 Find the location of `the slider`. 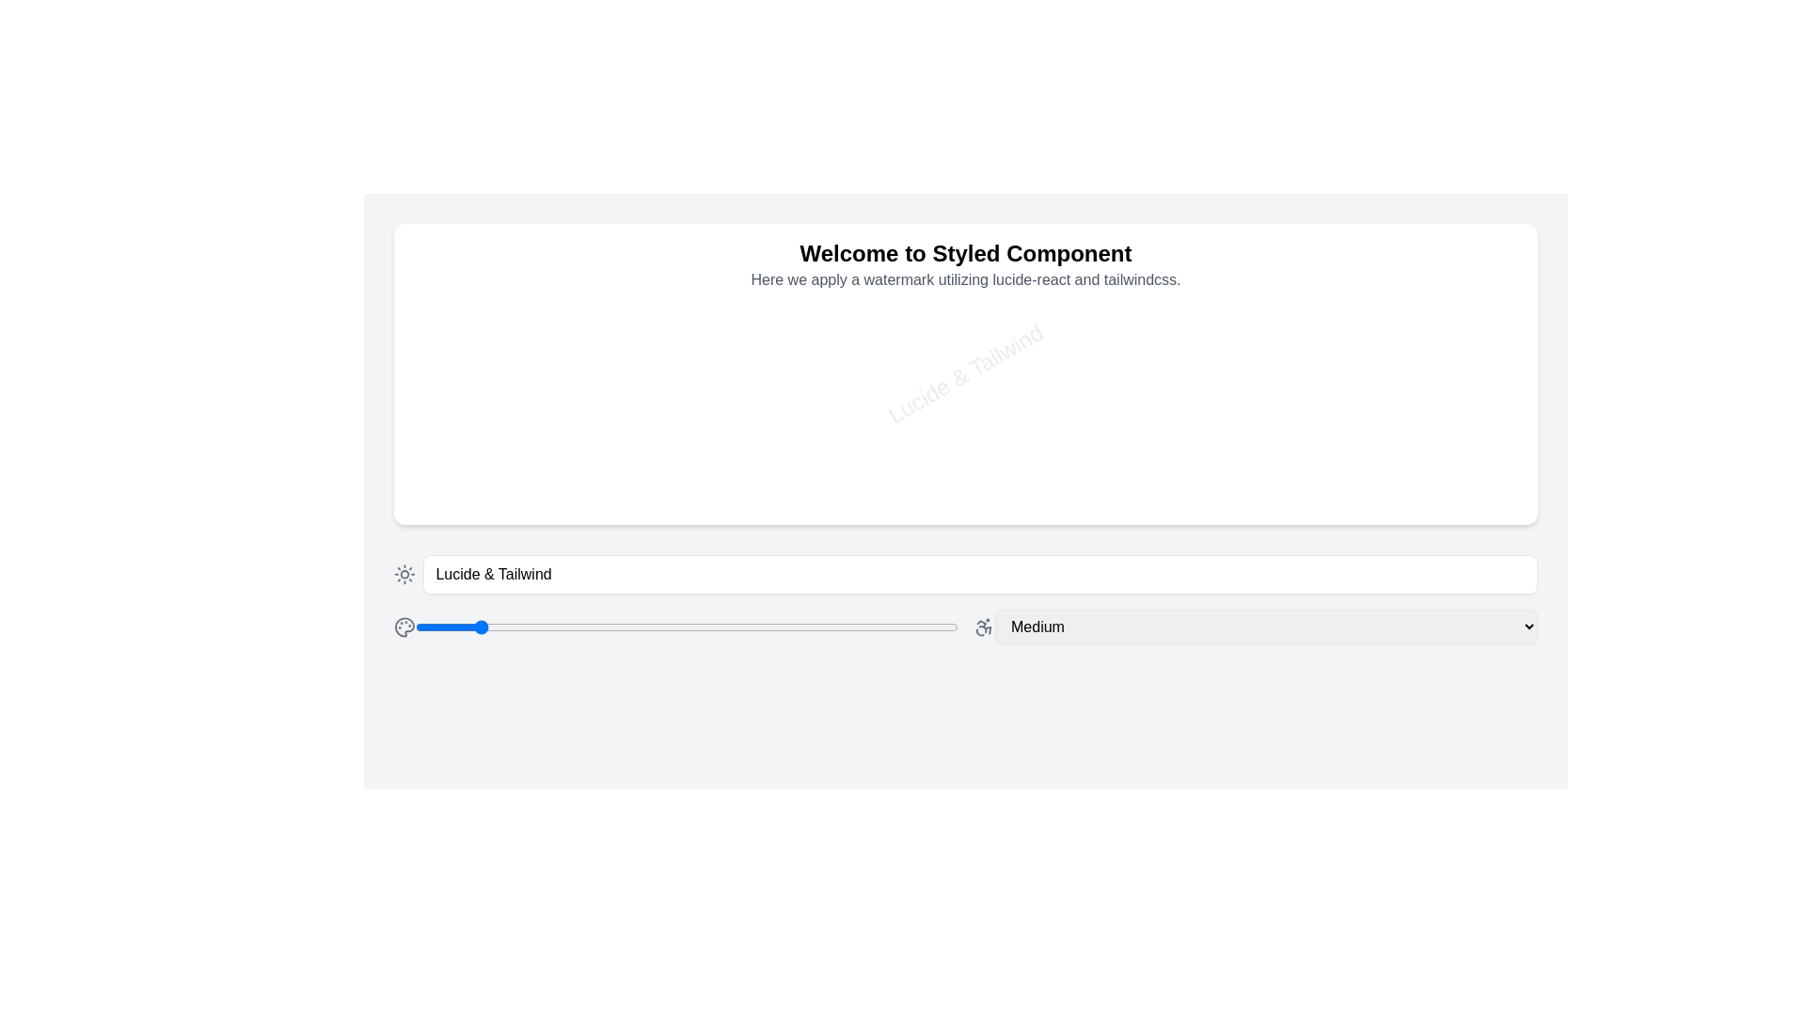

the slider is located at coordinates (356, 627).